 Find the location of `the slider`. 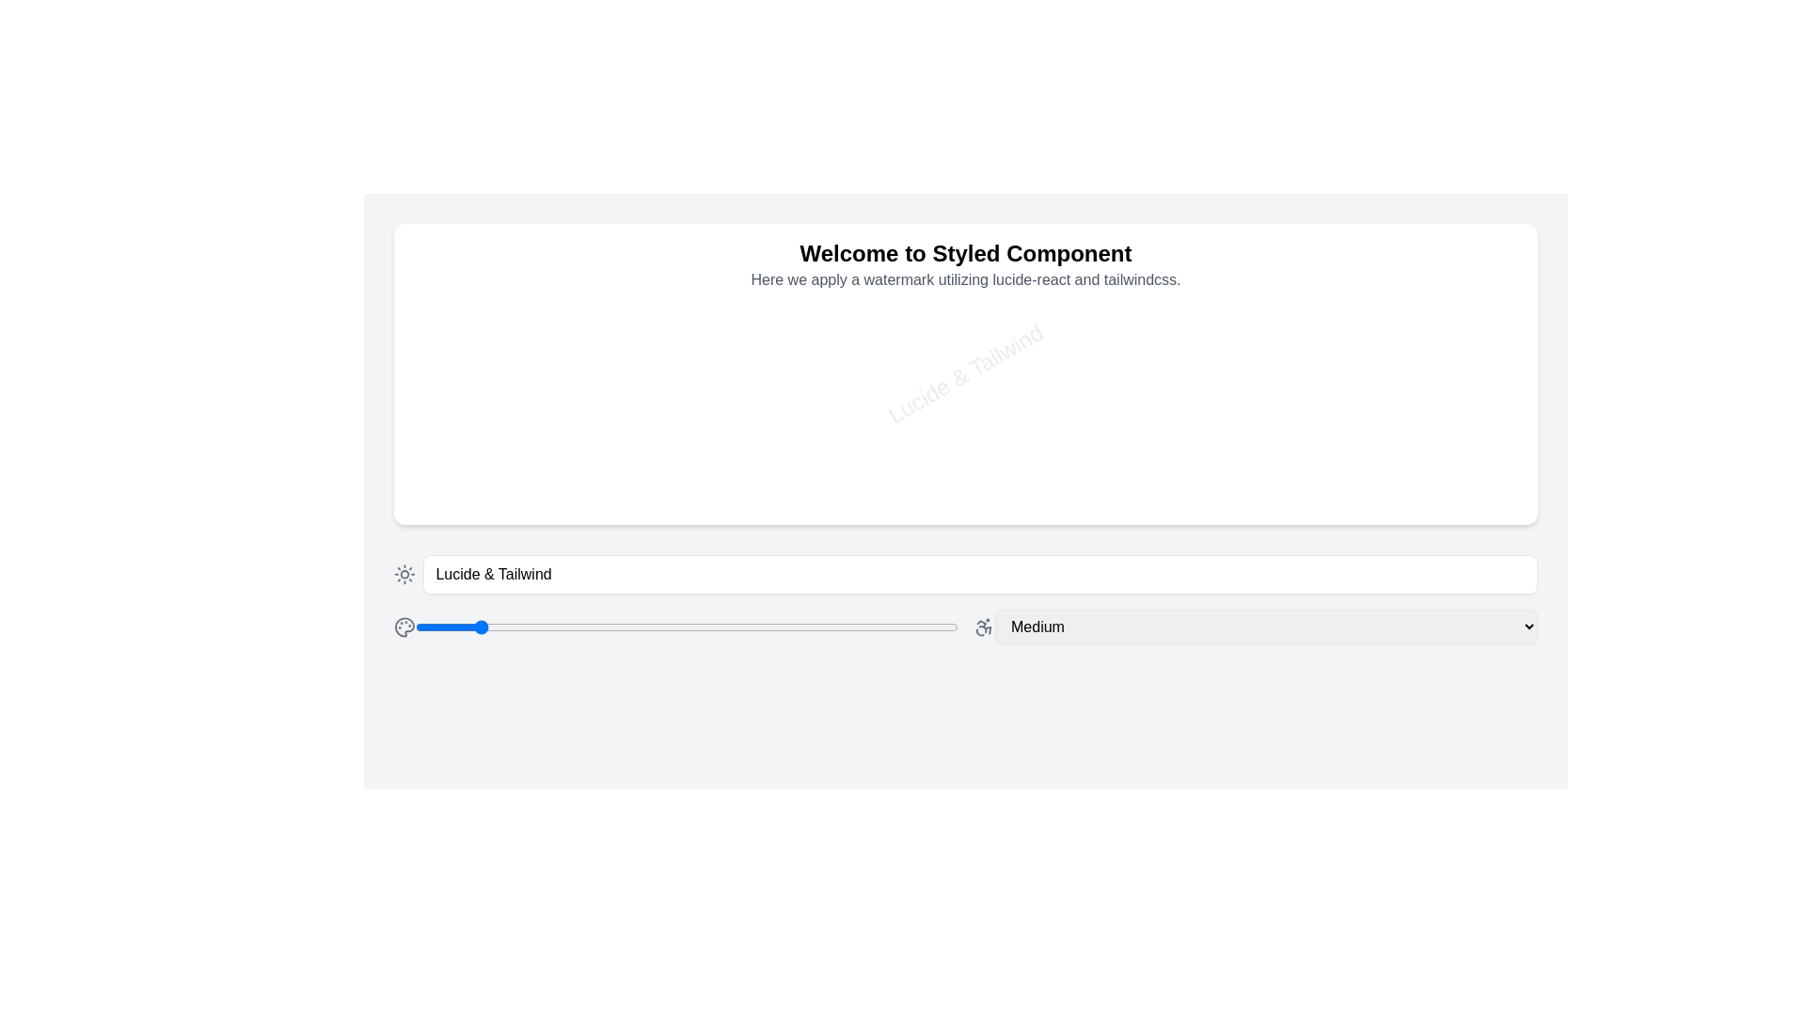

the slider is located at coordinates (356, 627).